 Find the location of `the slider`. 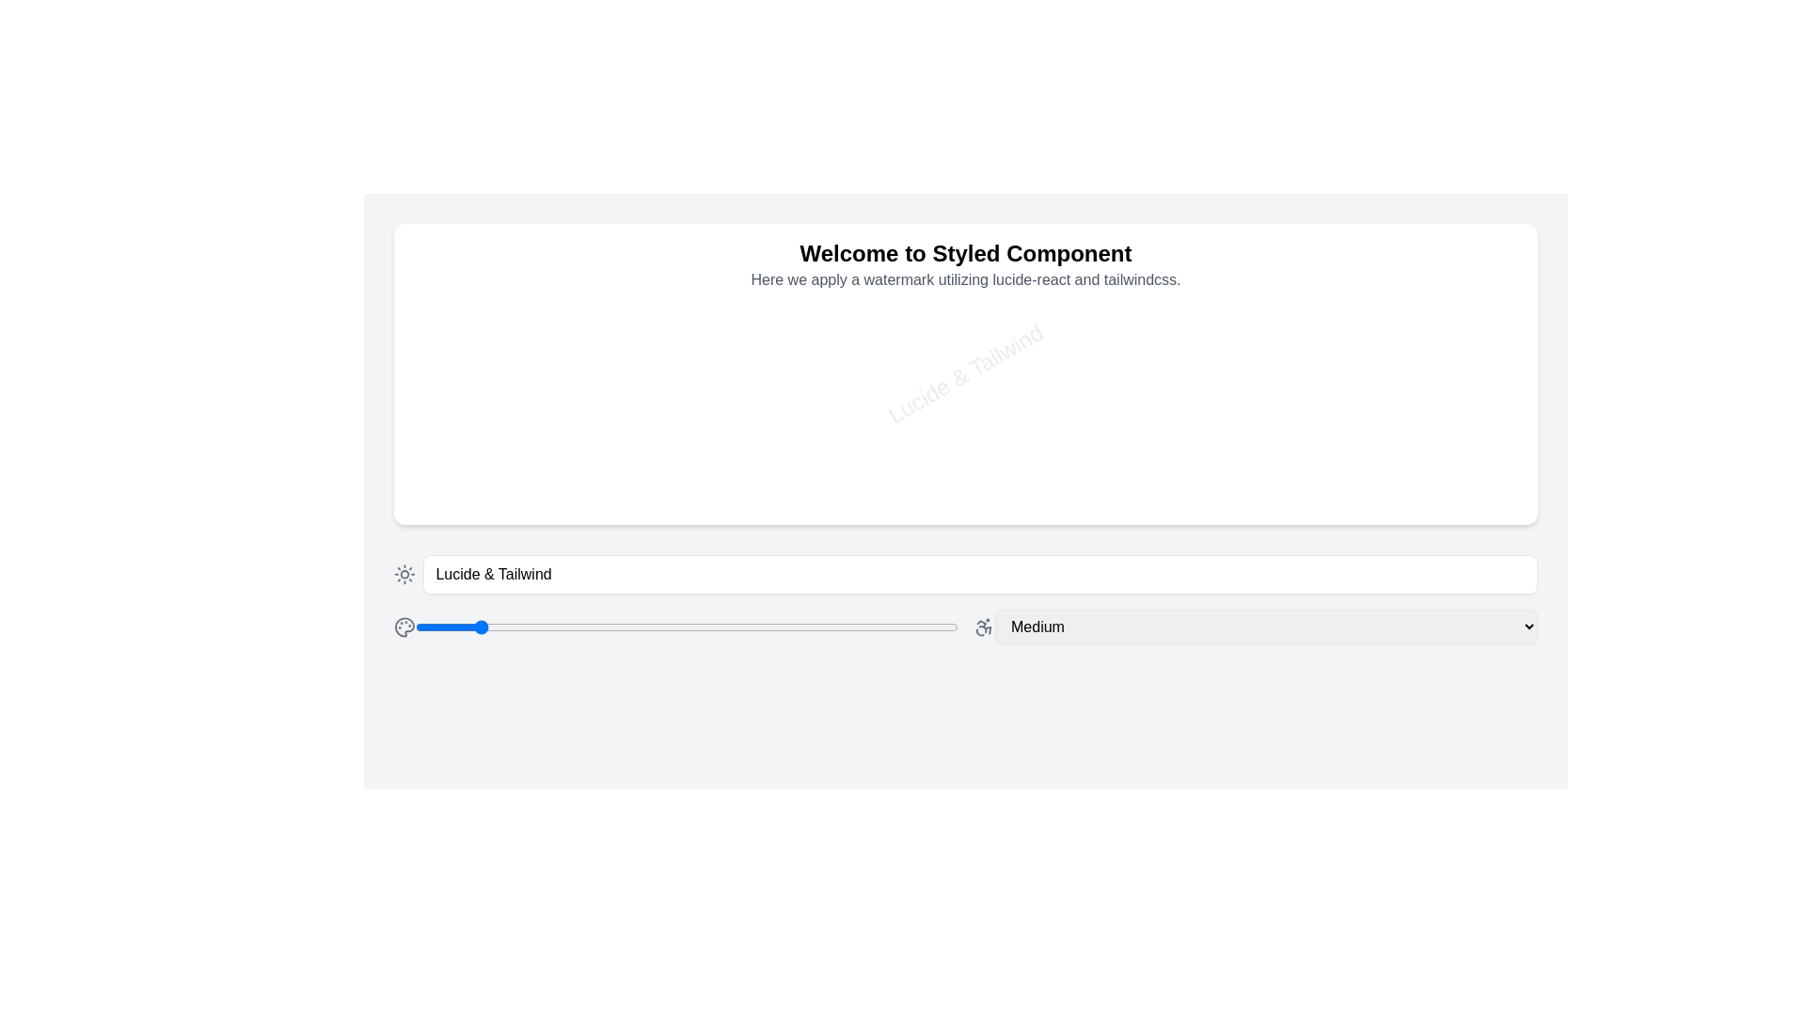

the slider is located at coordinates (356, 627).